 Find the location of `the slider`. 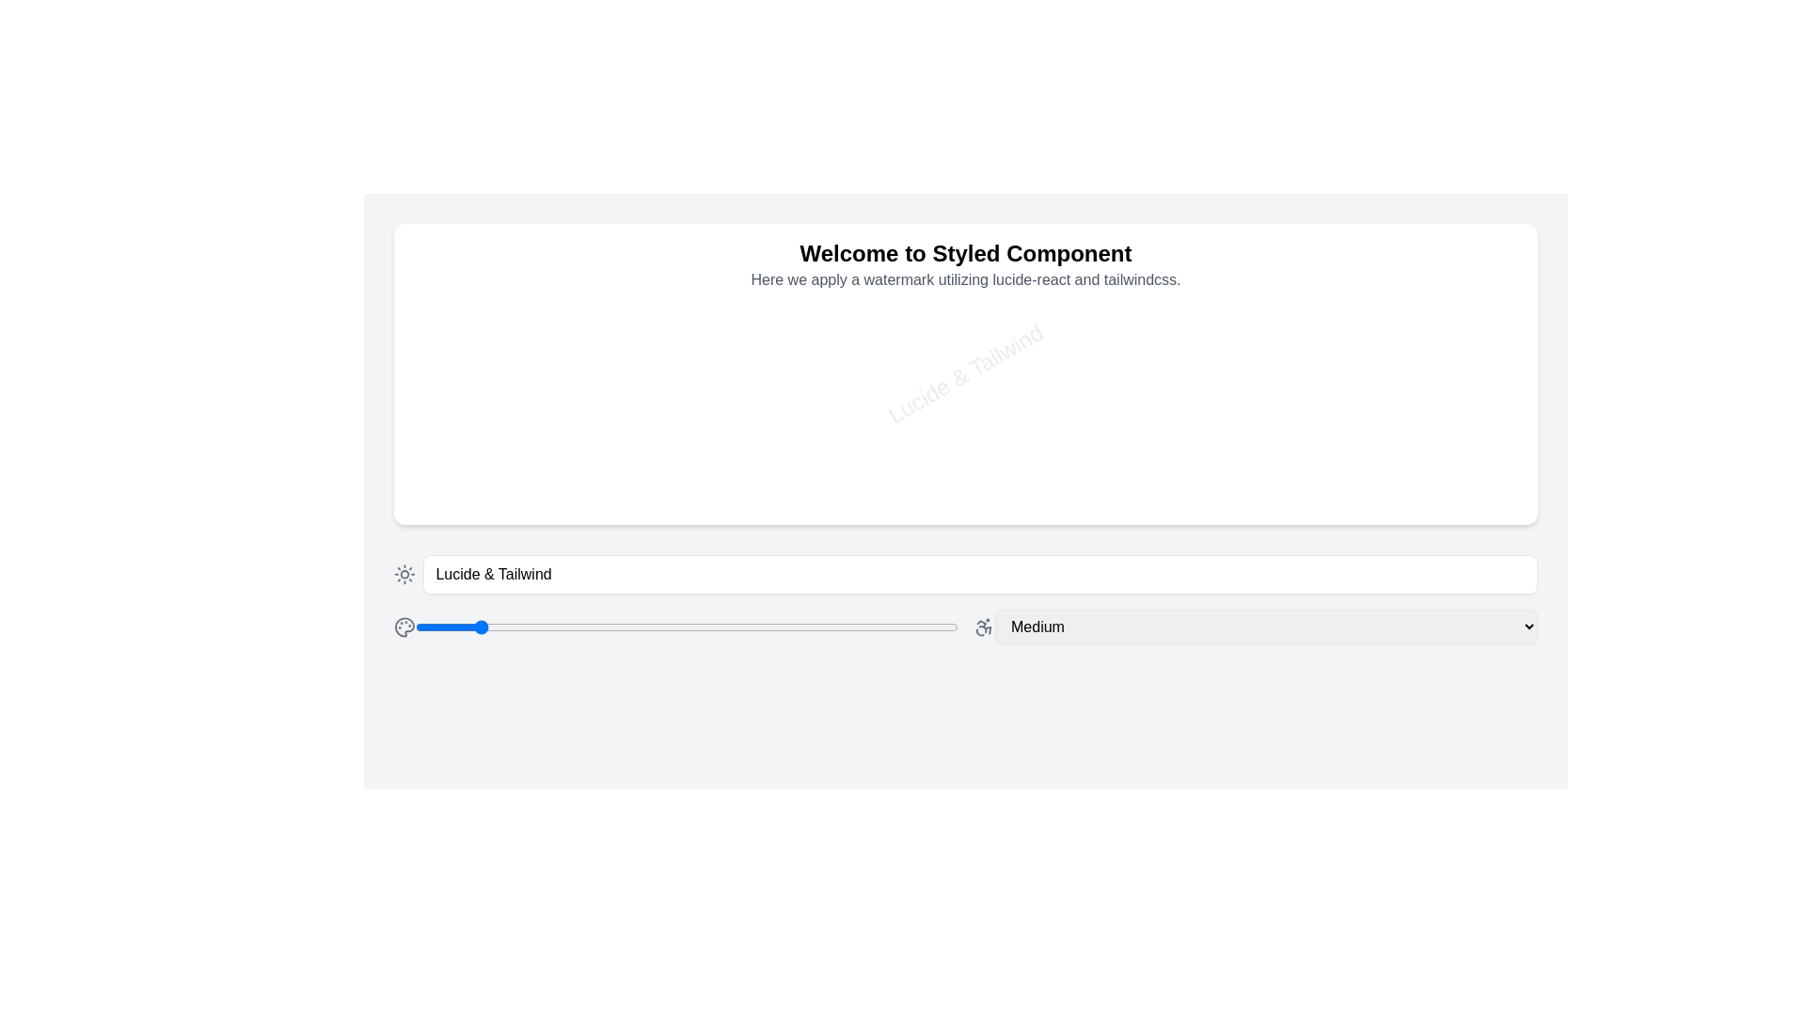

the slider is located at coordinates (356, 627).